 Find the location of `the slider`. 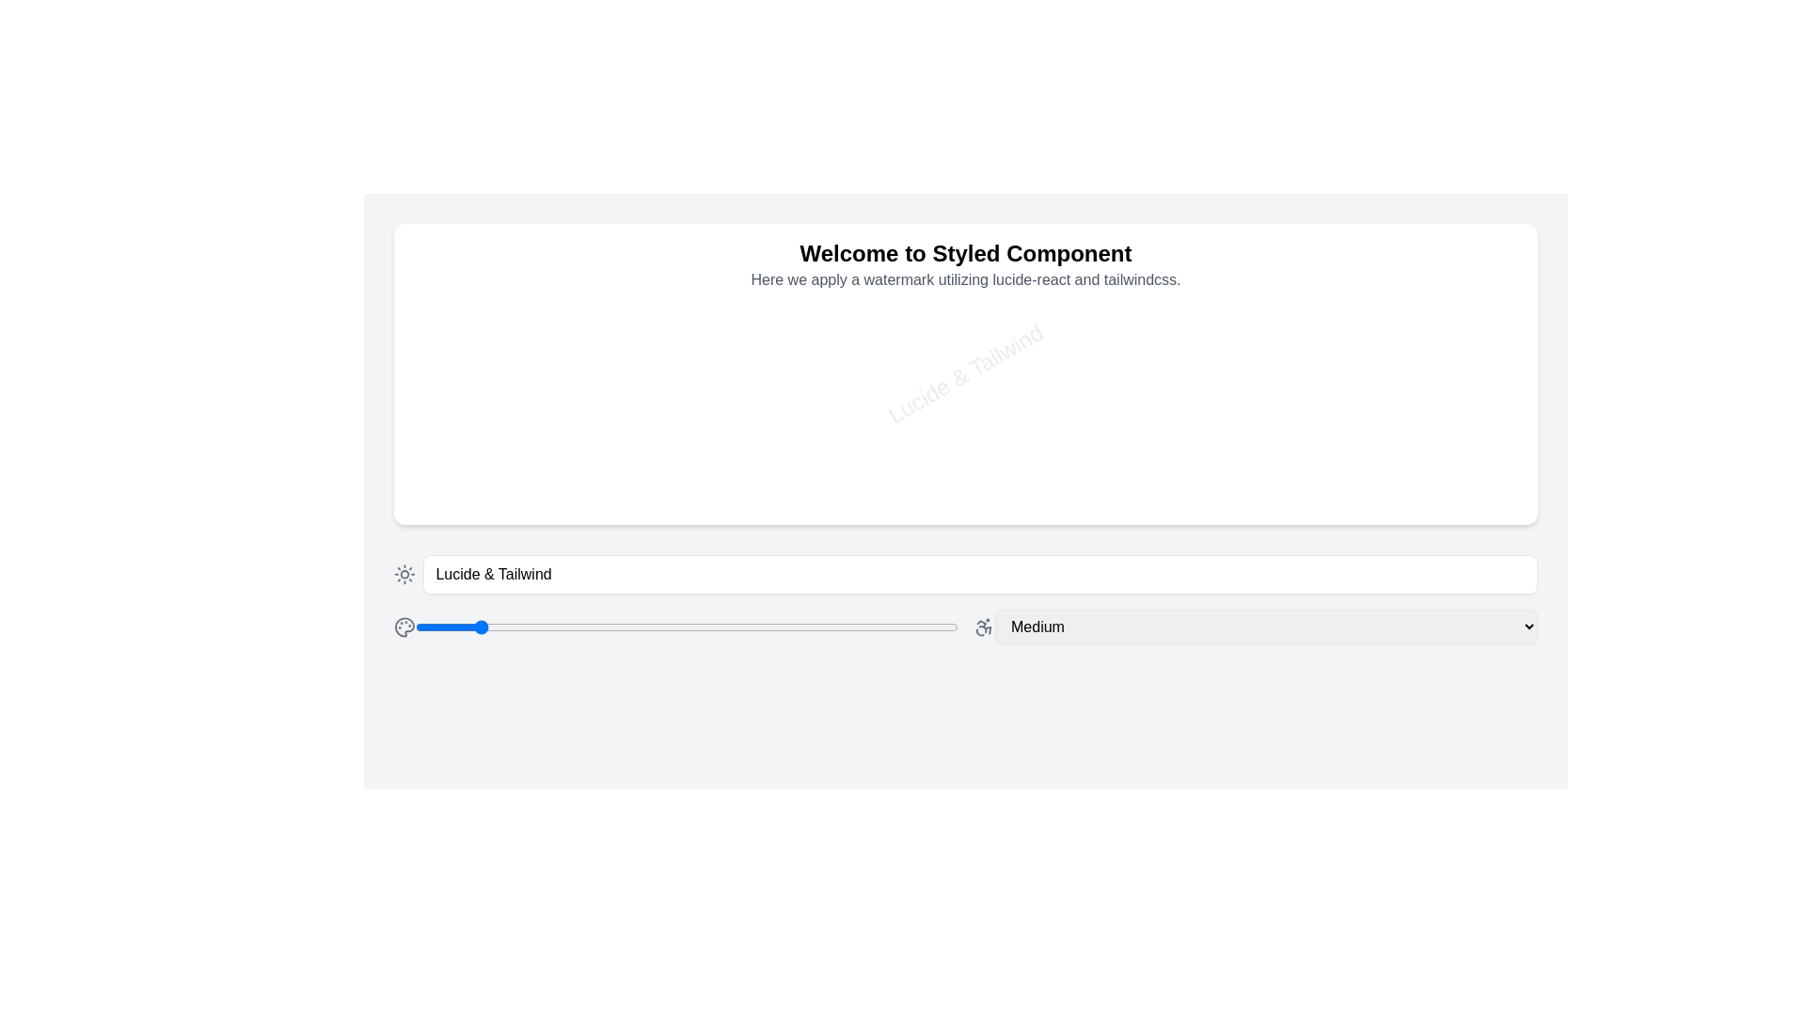

the slider is located at coordinates (356, 627).